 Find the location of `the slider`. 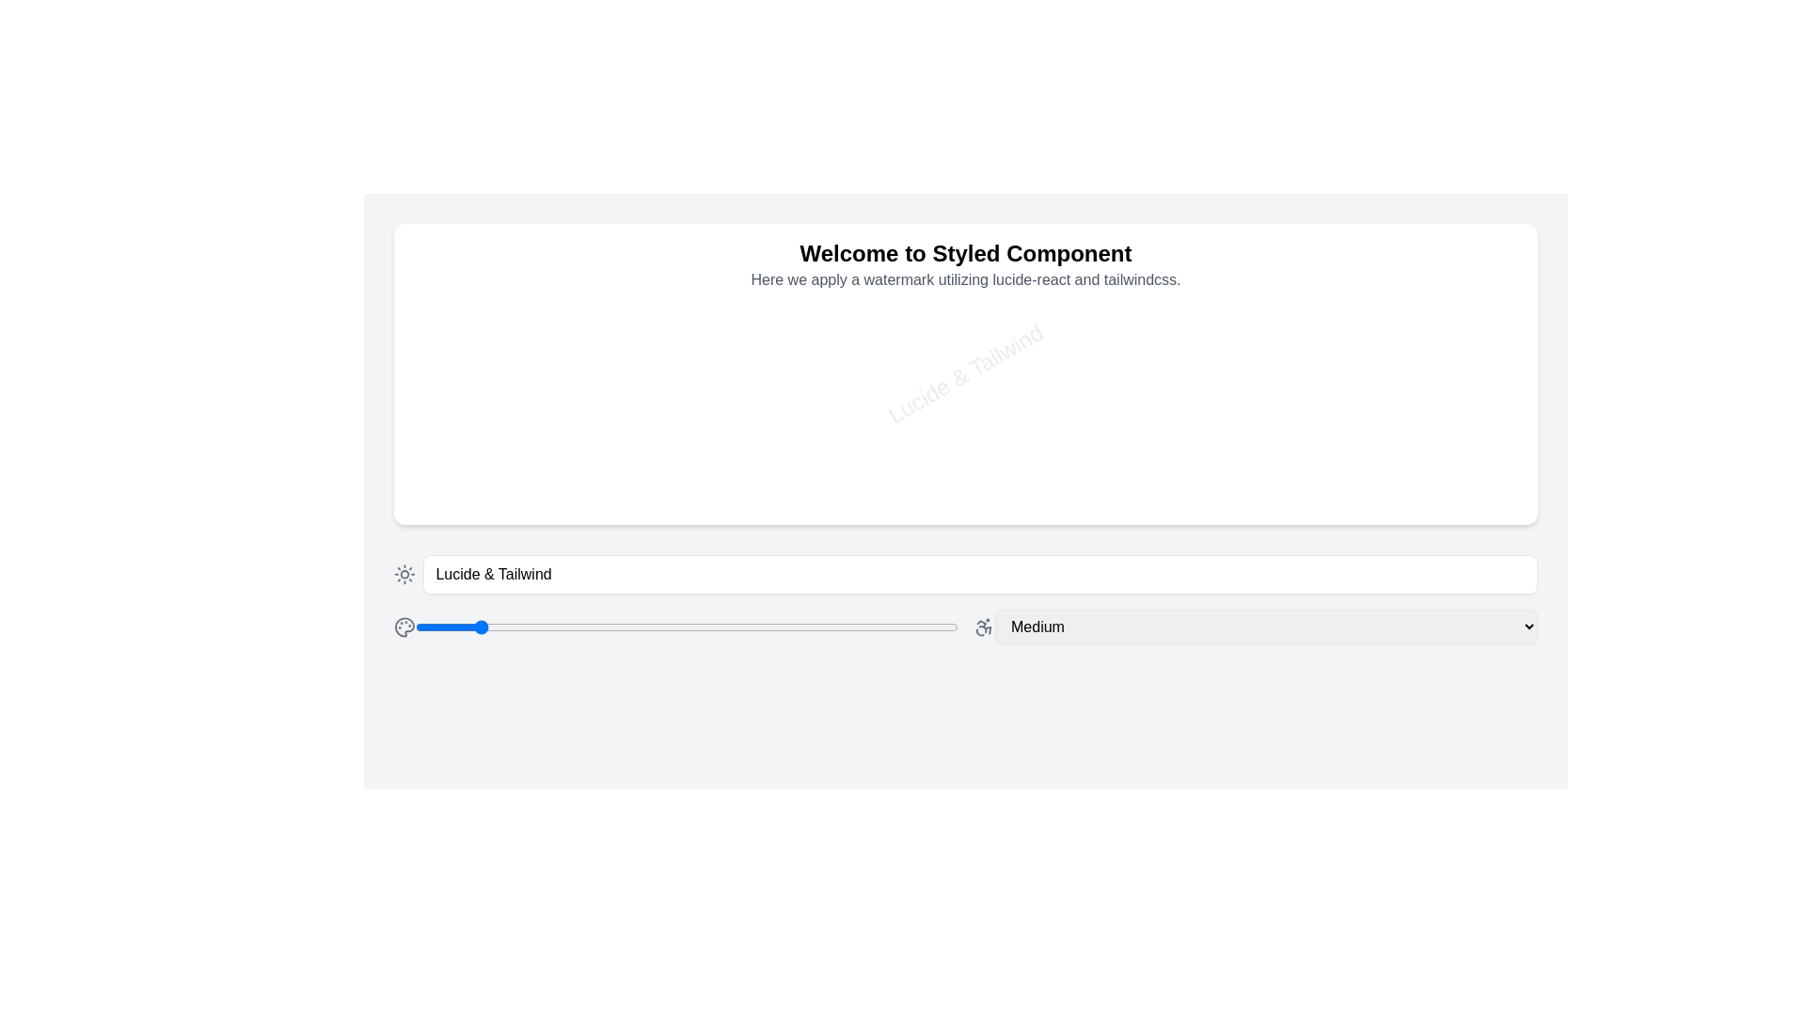

the slider is located at coordinates (356, 627).